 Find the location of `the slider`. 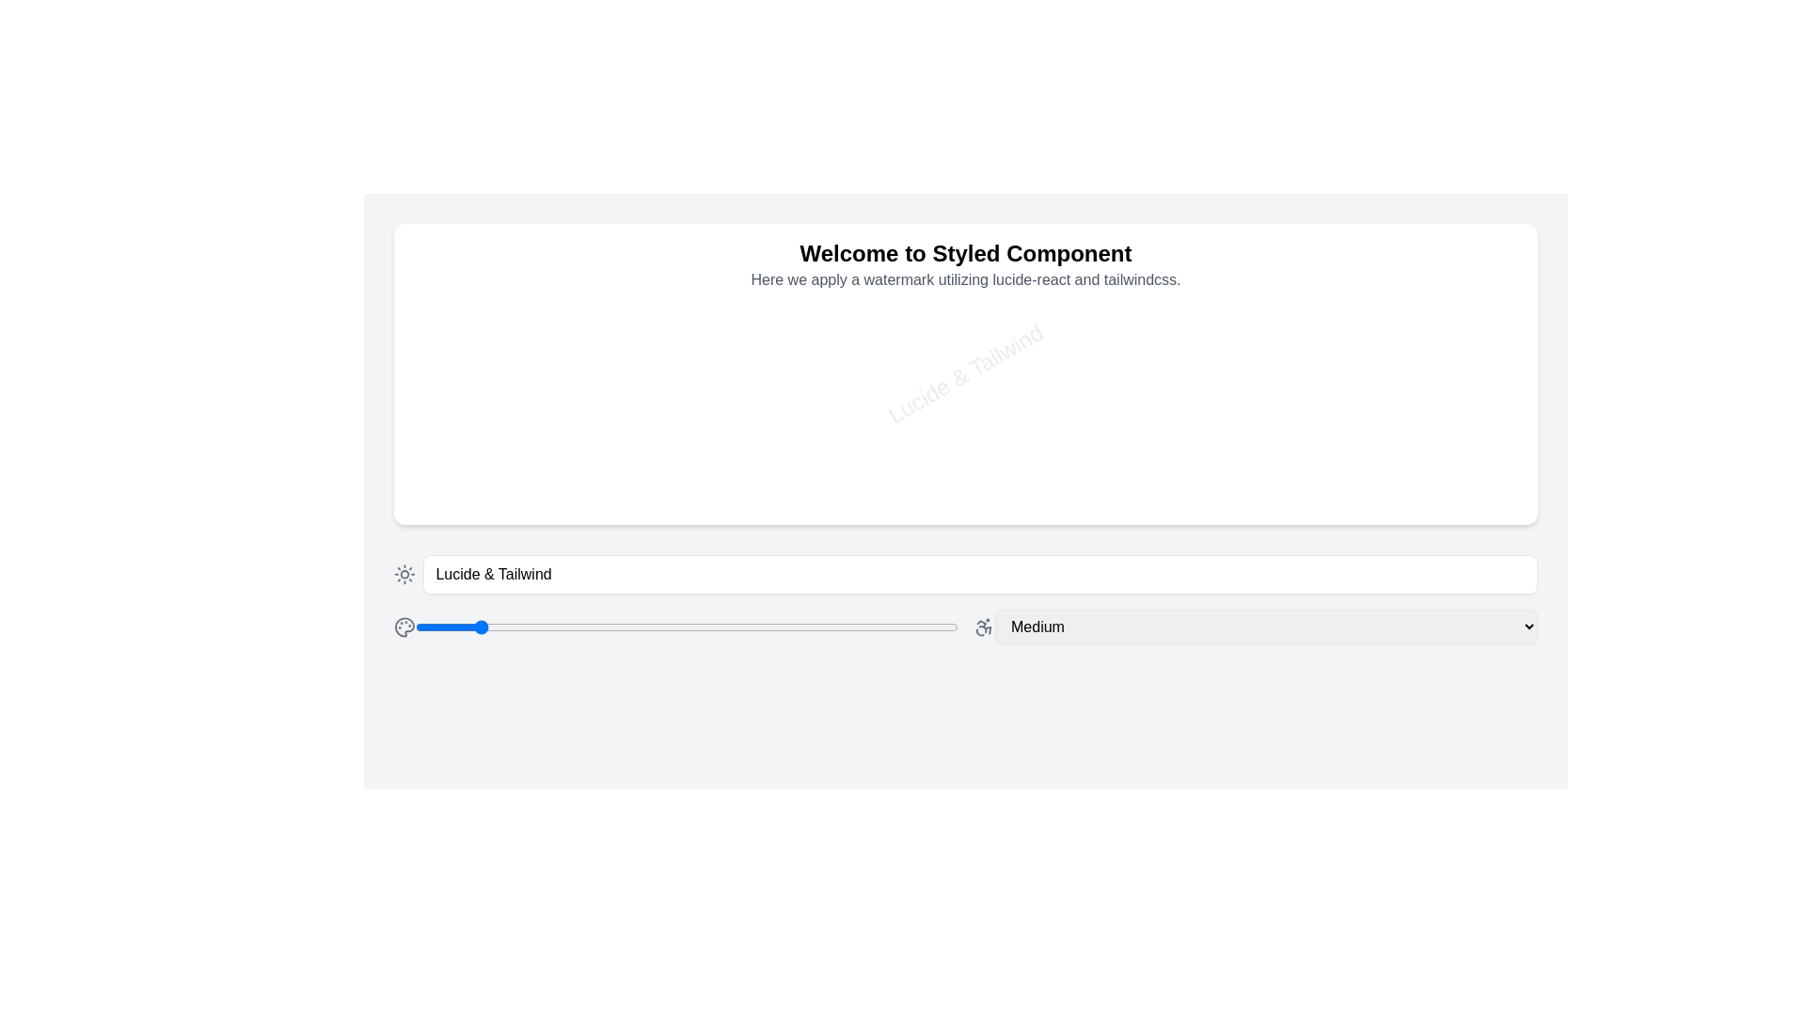

the slider is located at coordinates (356, 627).